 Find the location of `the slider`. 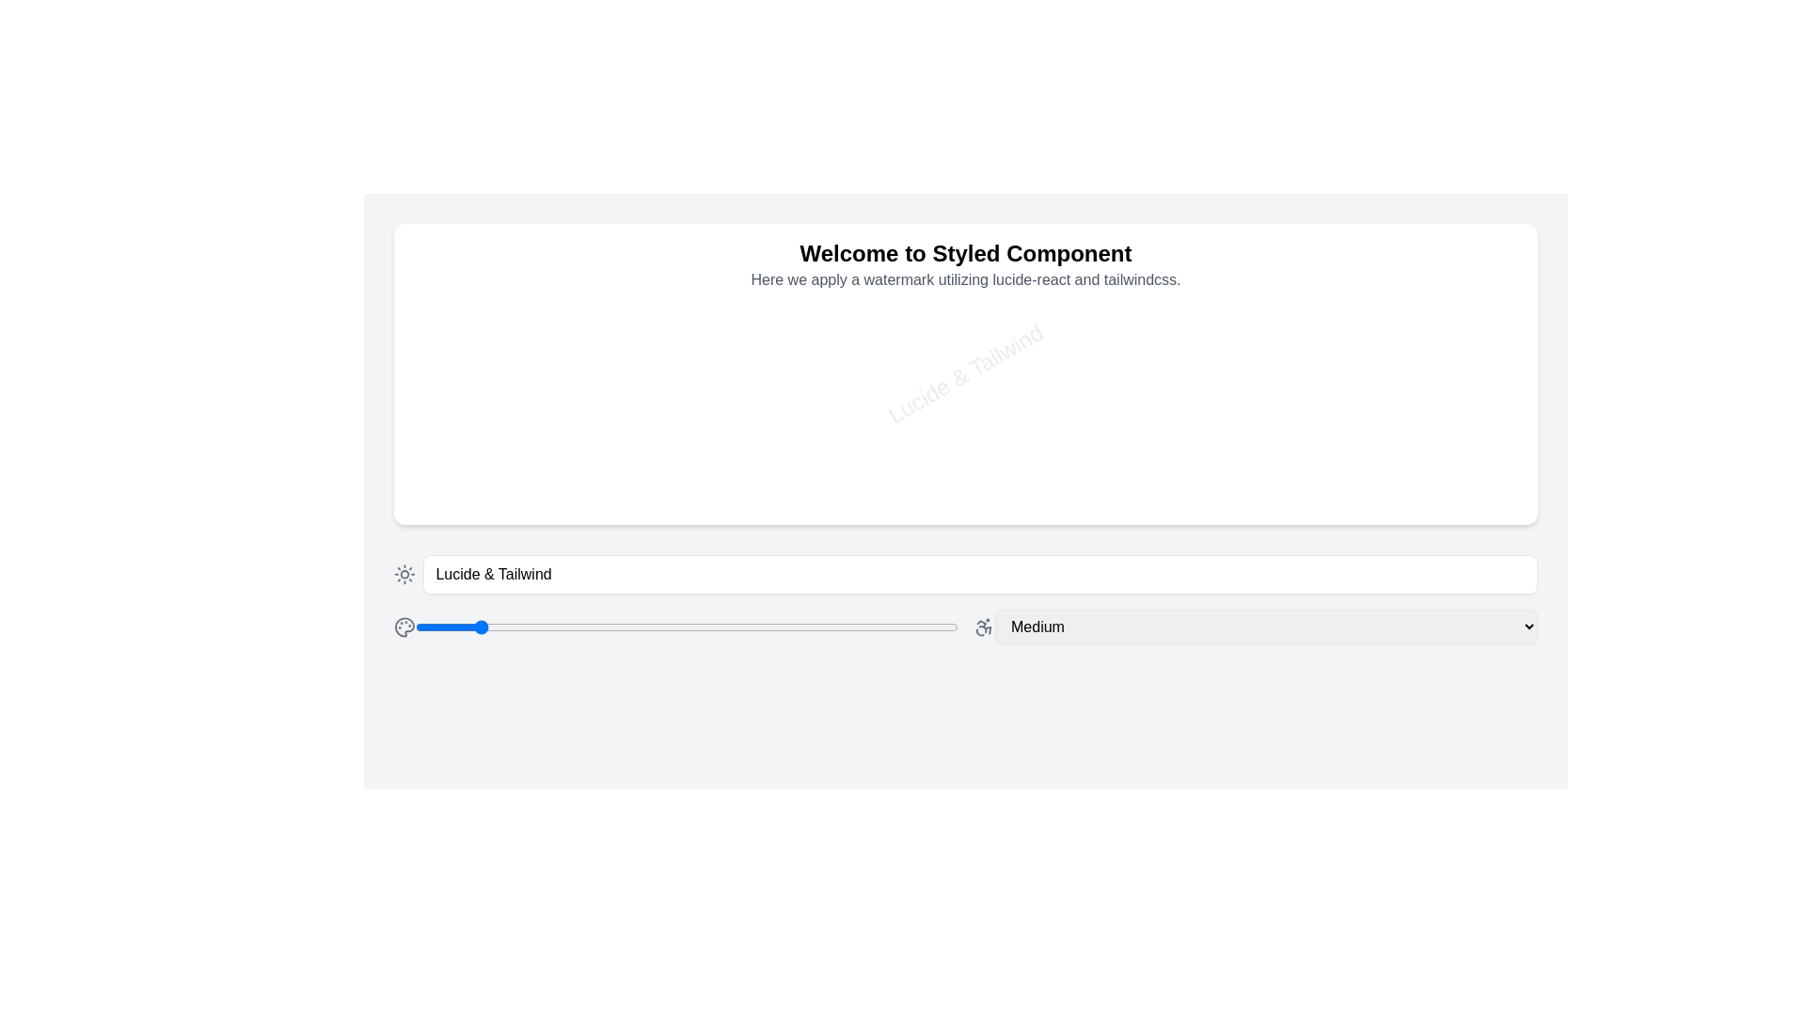

the slider is located at coordinates (356, 627).